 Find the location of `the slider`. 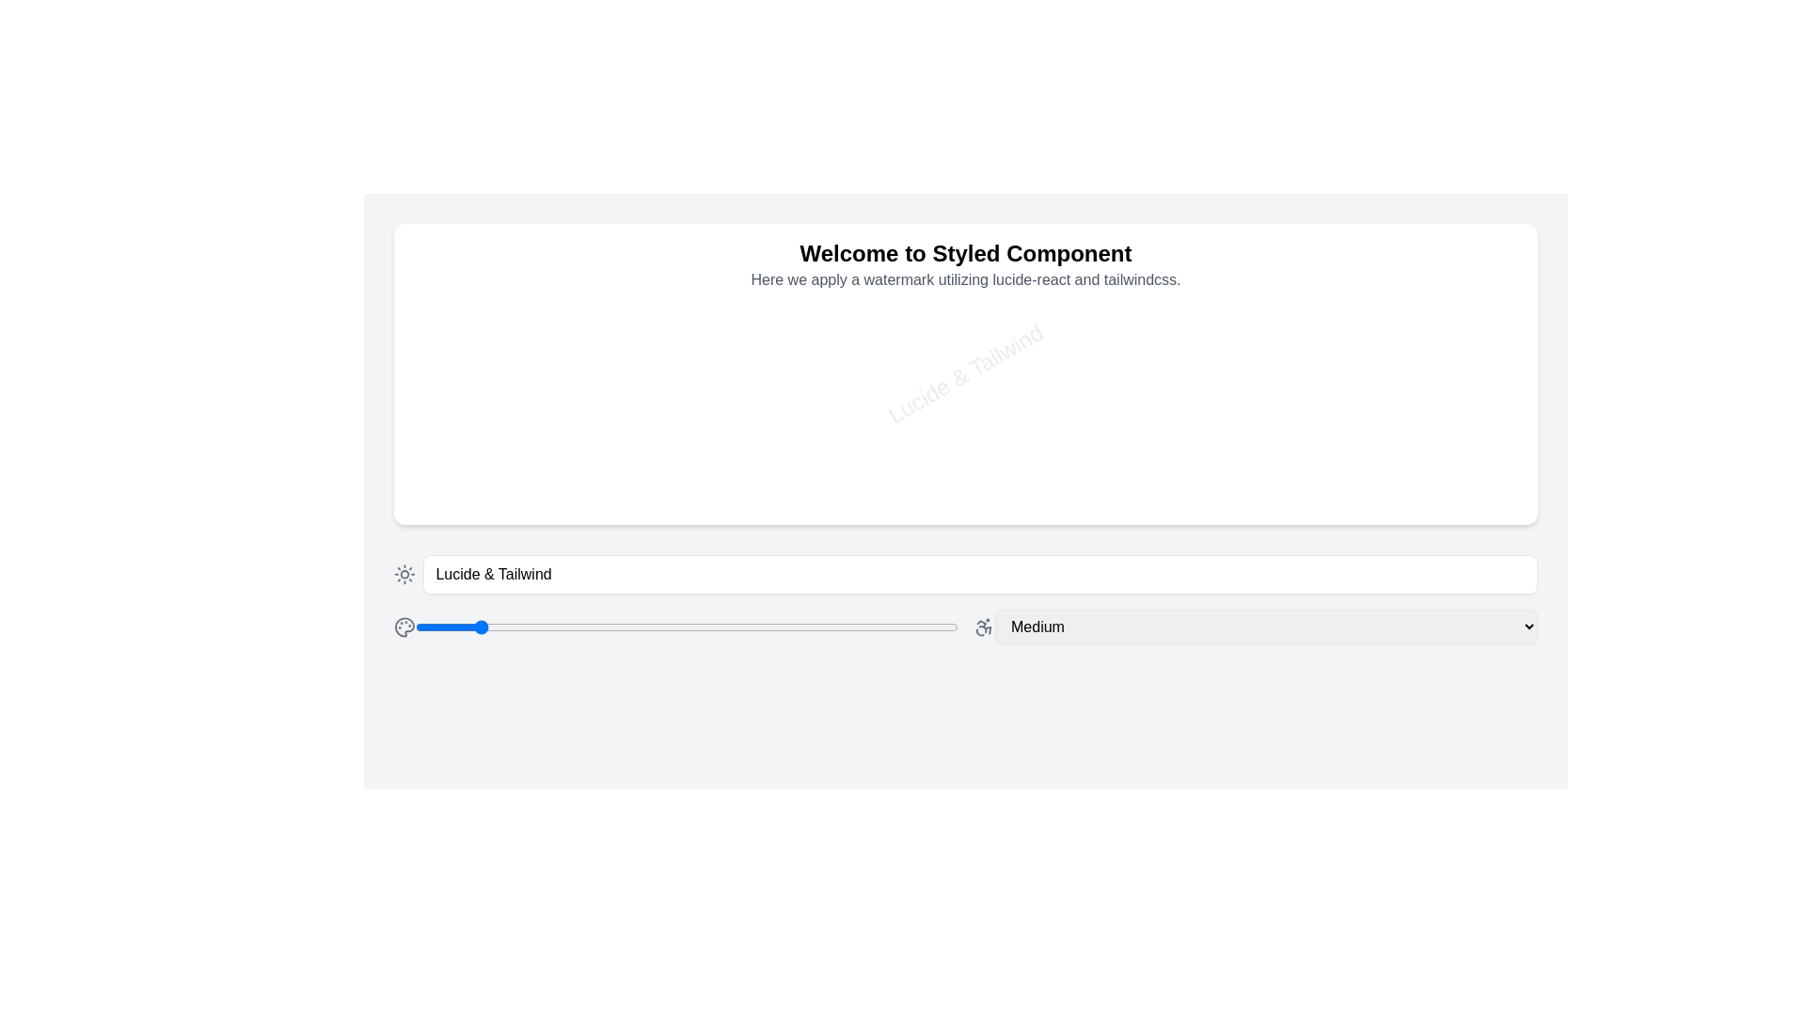

the slider is located at coordinates (356, 627).